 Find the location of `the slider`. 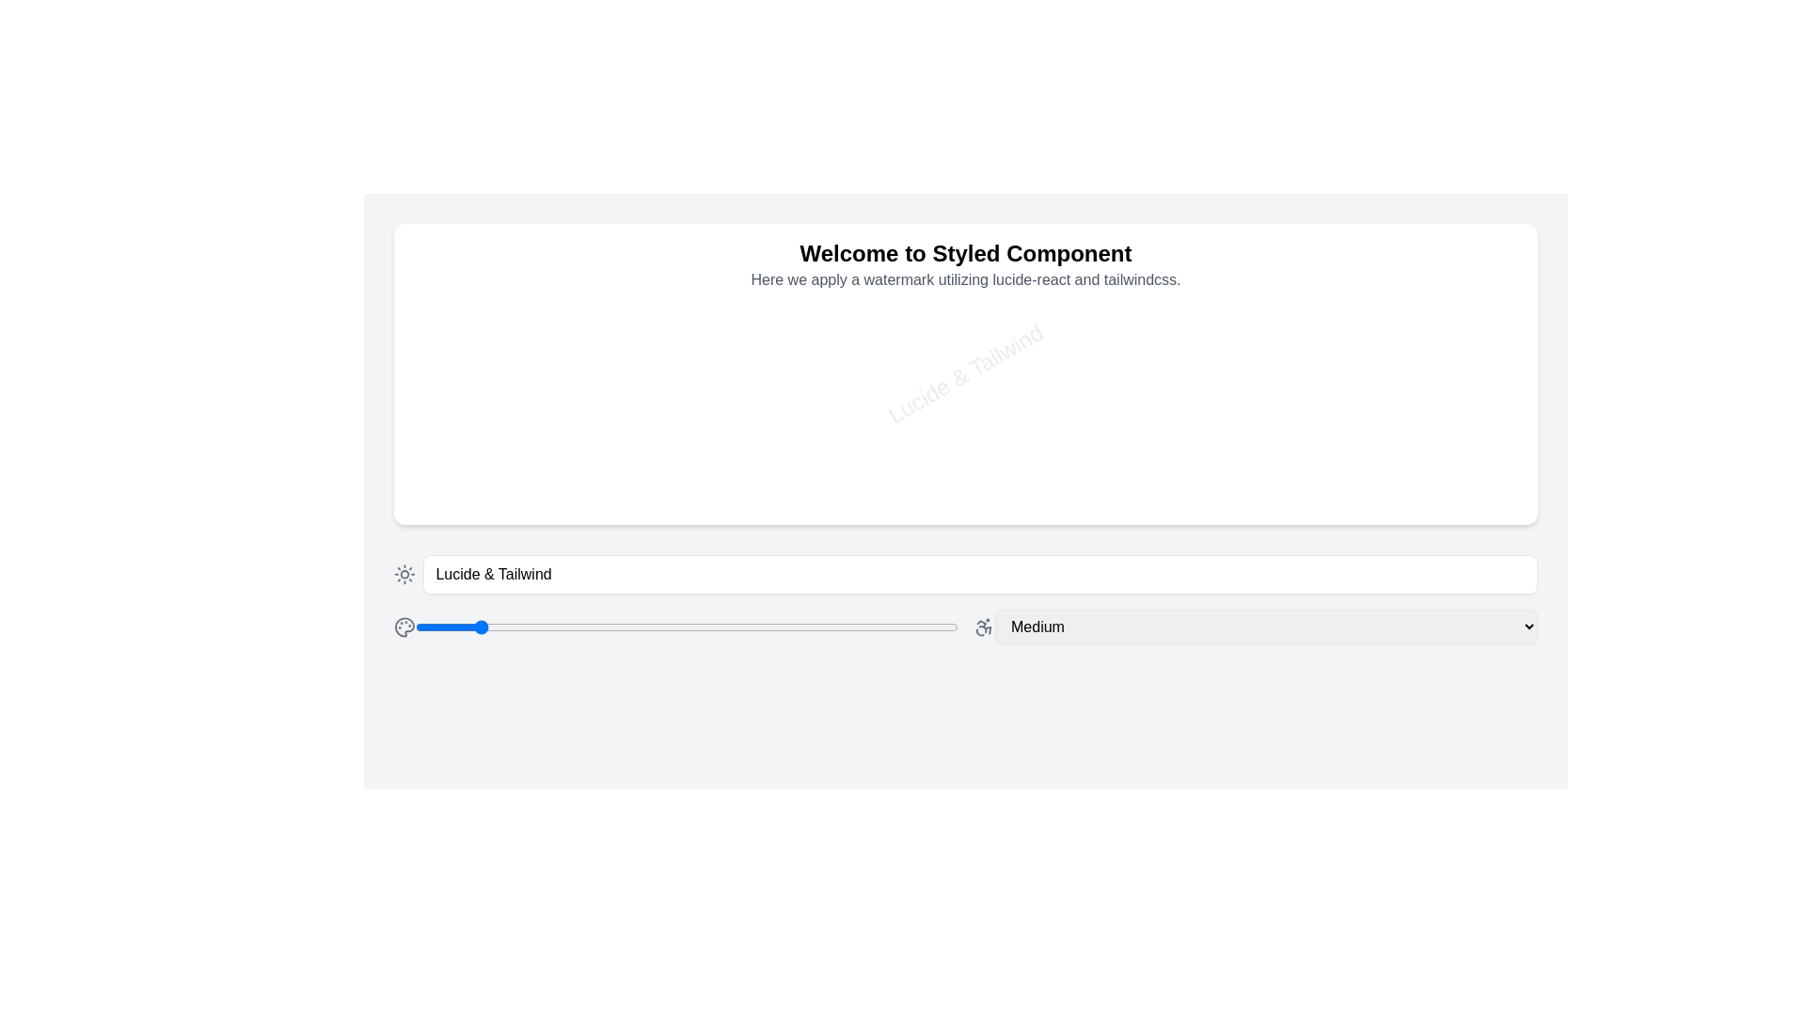

the slider is located at coordinates (356, 627).